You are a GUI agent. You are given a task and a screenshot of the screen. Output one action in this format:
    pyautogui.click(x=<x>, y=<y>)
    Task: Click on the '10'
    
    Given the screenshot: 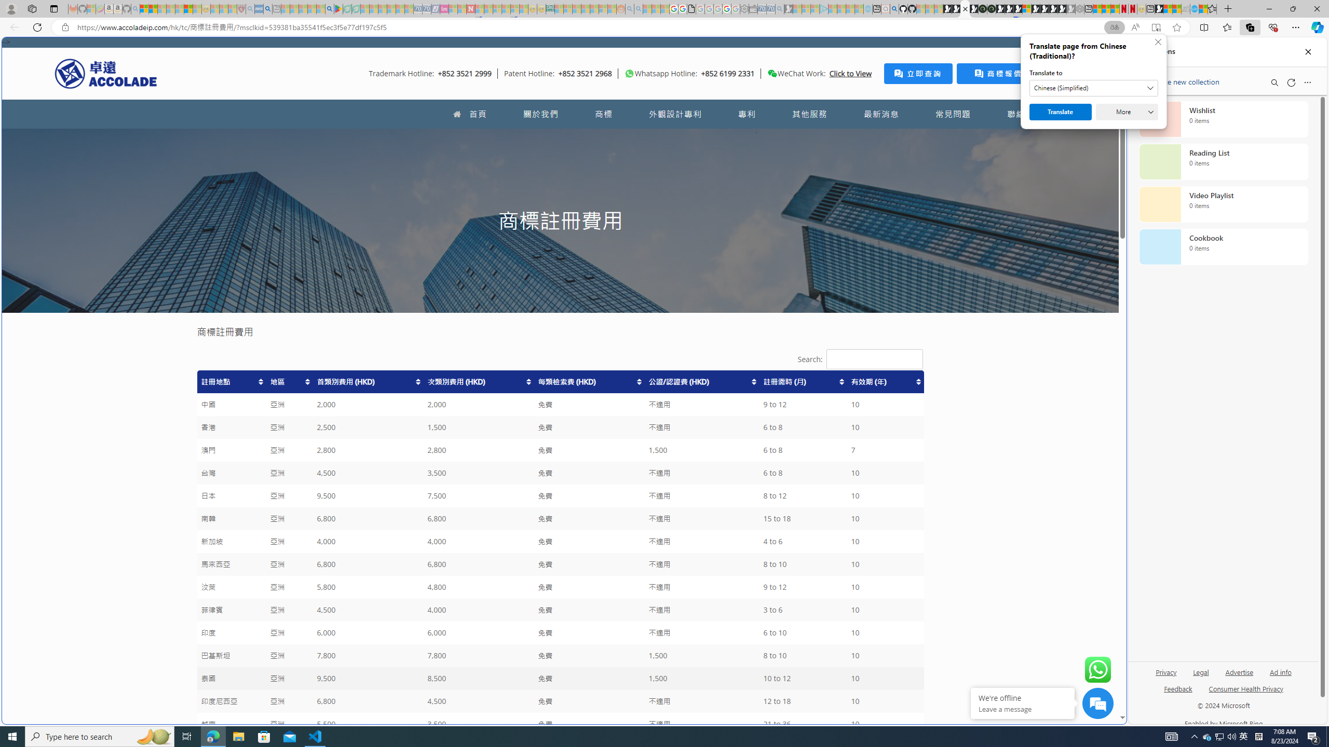 What is the action you would take?
    pyautogui.click(x=884, y=724)
    